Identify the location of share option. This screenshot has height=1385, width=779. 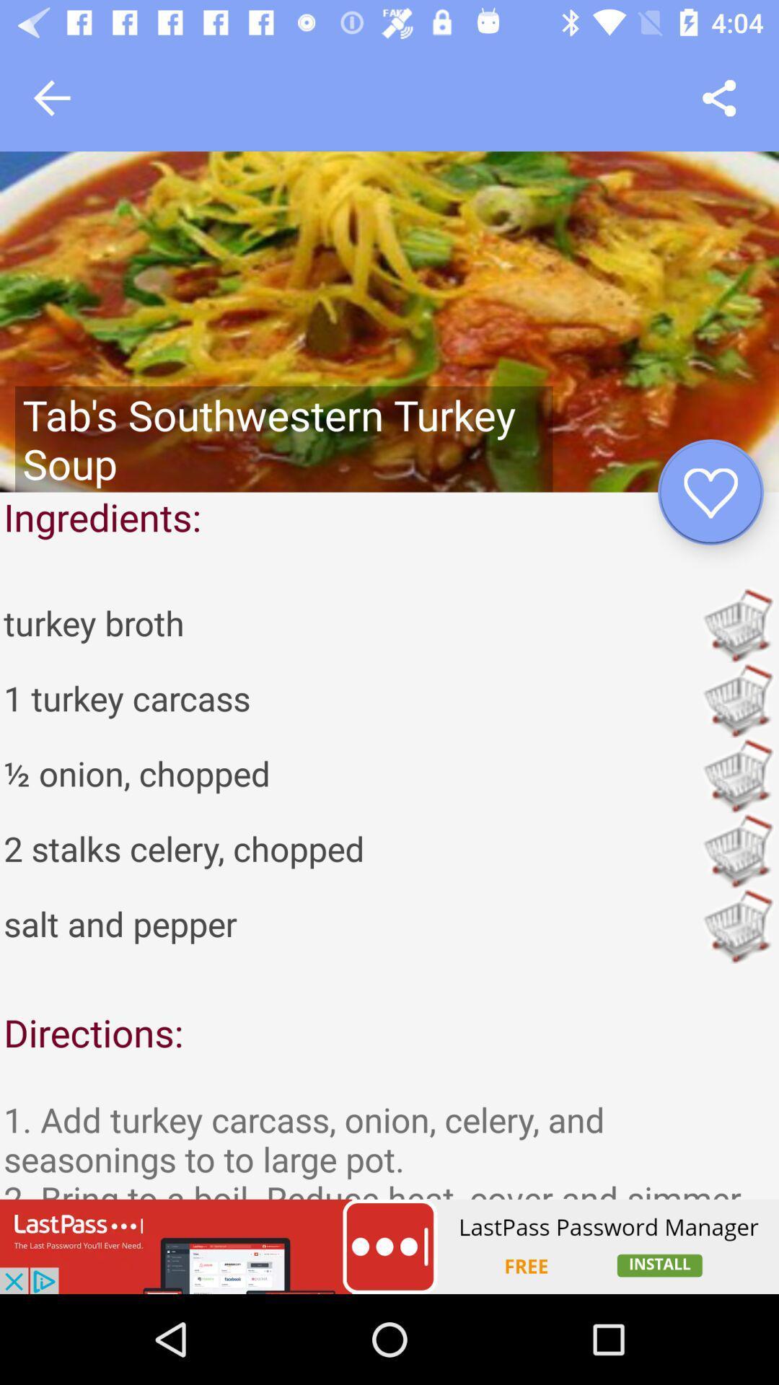
(719, 97).